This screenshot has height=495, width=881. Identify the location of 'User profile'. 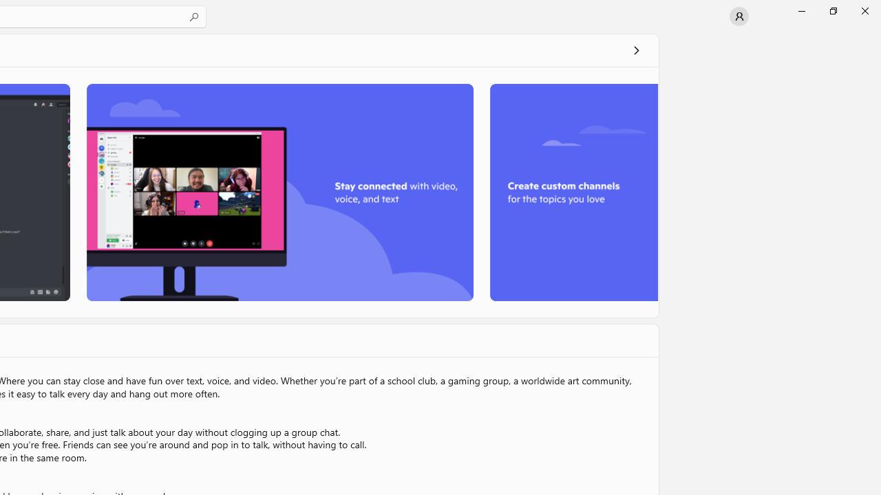
(738, 16).